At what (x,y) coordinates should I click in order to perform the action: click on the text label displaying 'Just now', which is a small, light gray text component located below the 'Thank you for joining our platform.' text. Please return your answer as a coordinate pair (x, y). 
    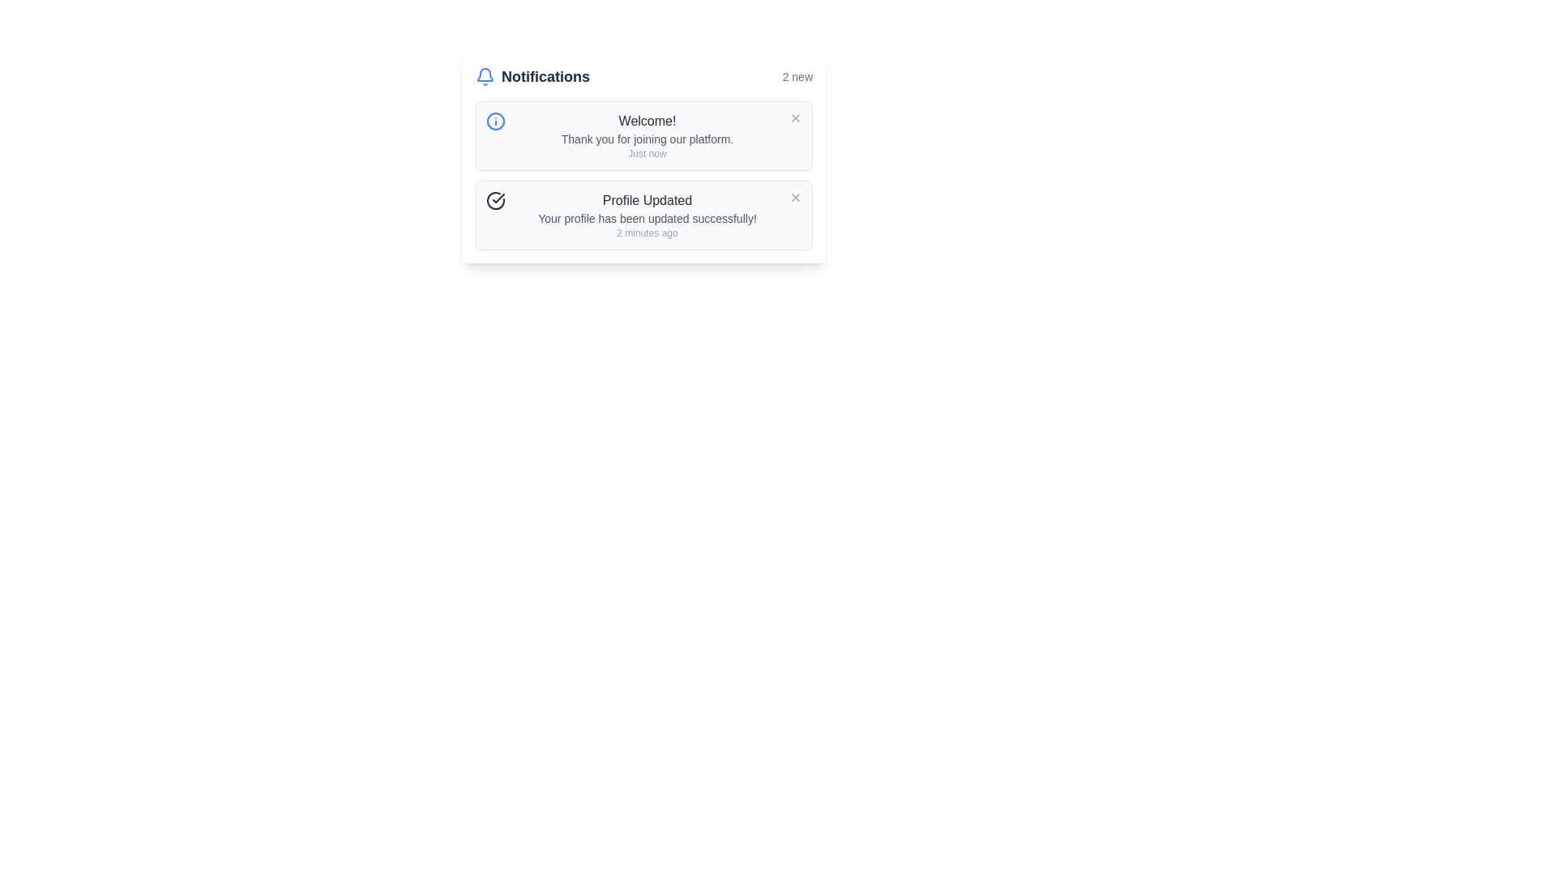
    Looking at the image, I should click on (646, 153).